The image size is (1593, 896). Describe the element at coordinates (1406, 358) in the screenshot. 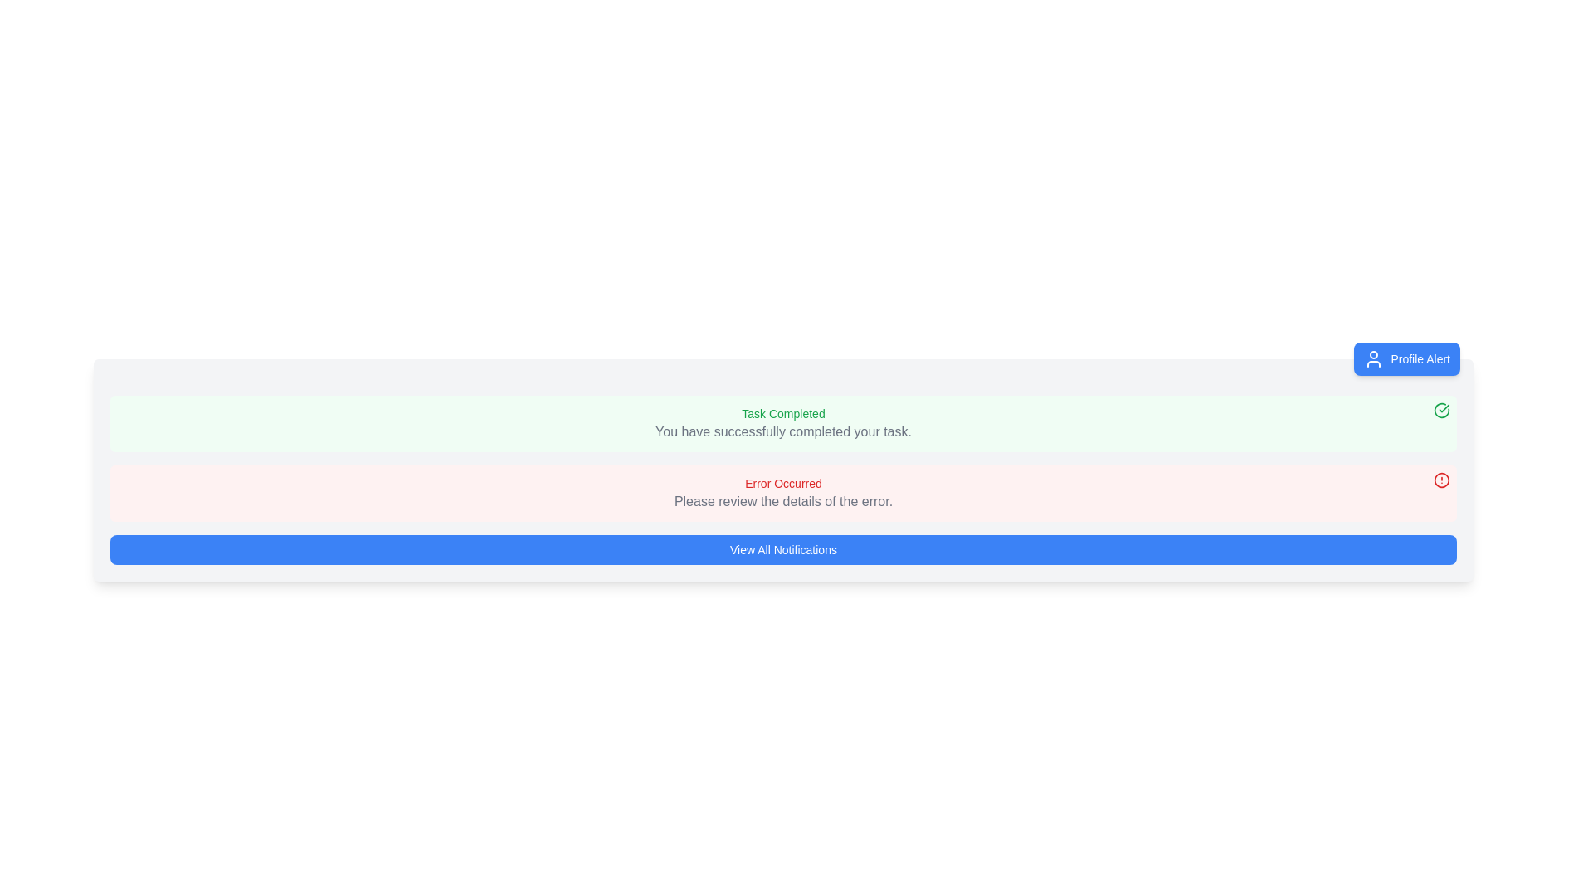

I see `the notification badge styled as a button, which has a blue background, white rounded corners, and contains the text 'Profile Alert' and a user icon` at that location.